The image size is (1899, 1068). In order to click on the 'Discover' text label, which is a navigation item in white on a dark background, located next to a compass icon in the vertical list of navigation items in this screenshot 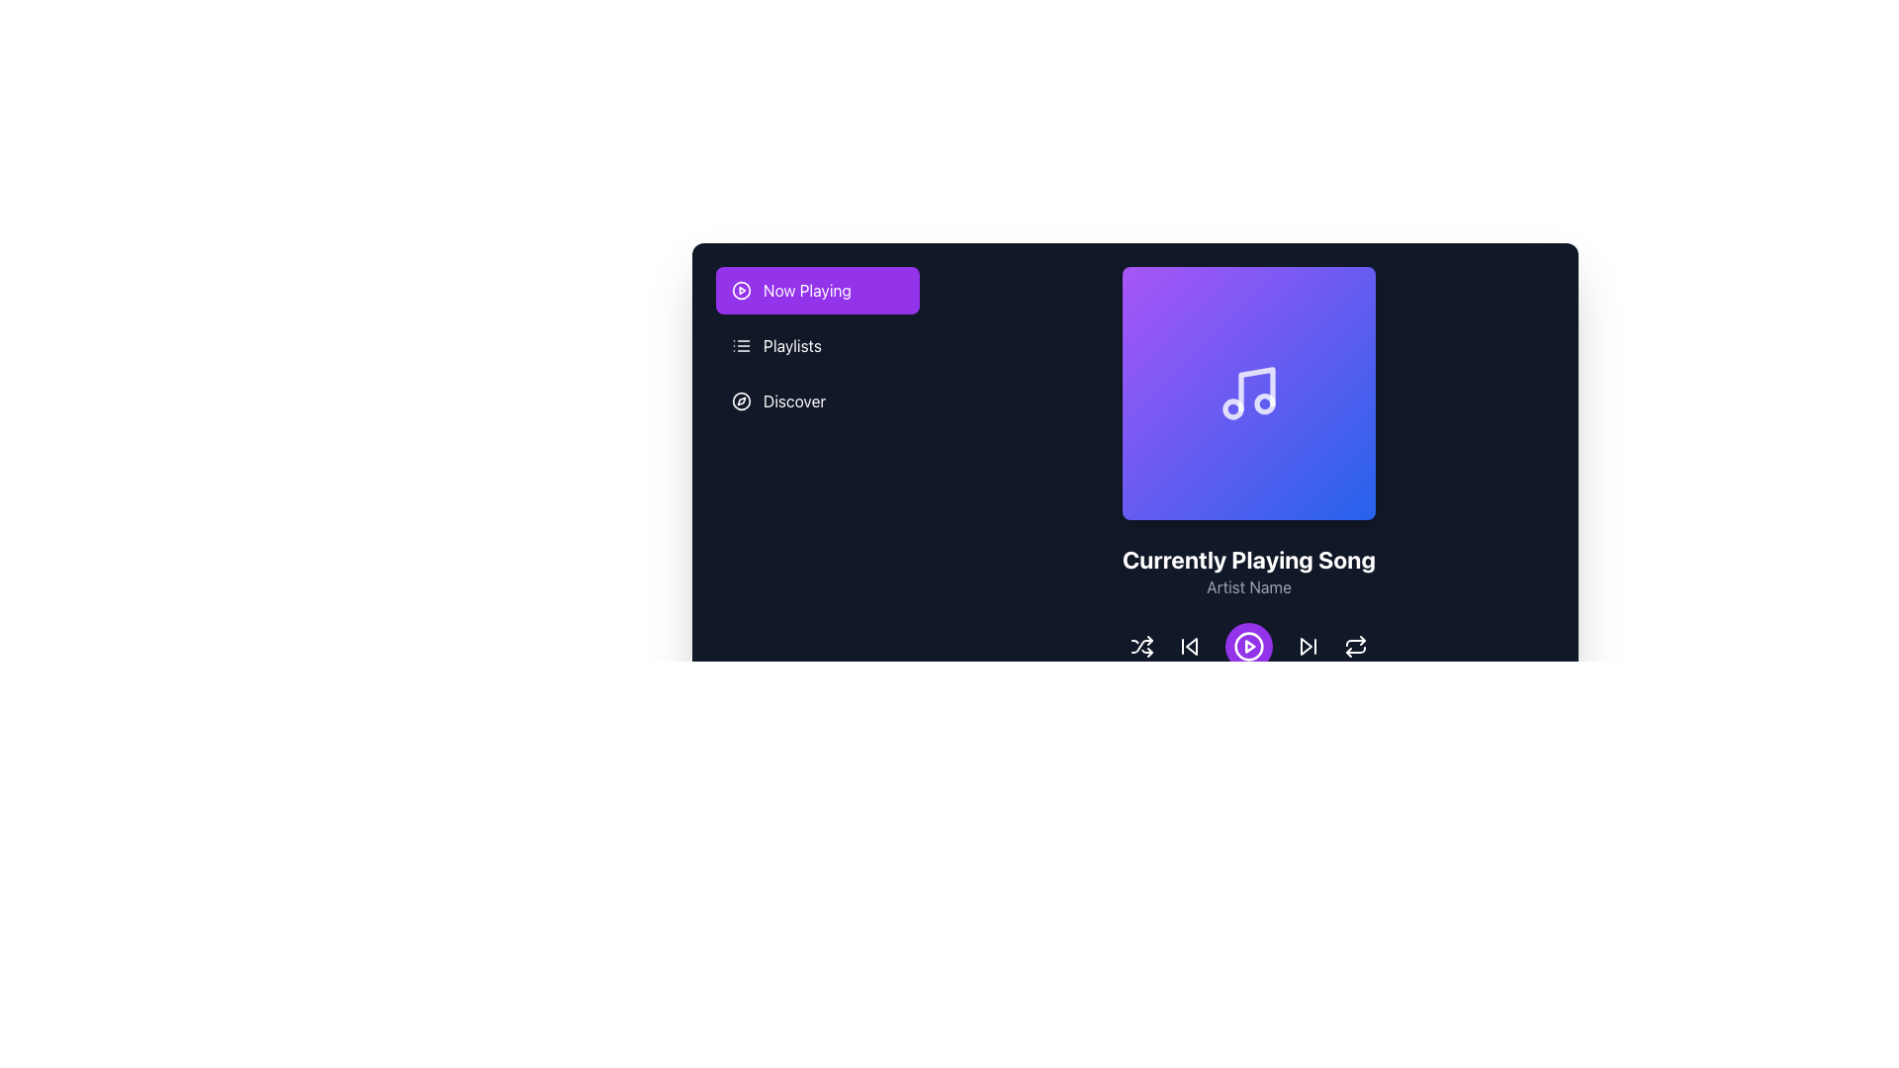, I will do `click(794, 400)`.